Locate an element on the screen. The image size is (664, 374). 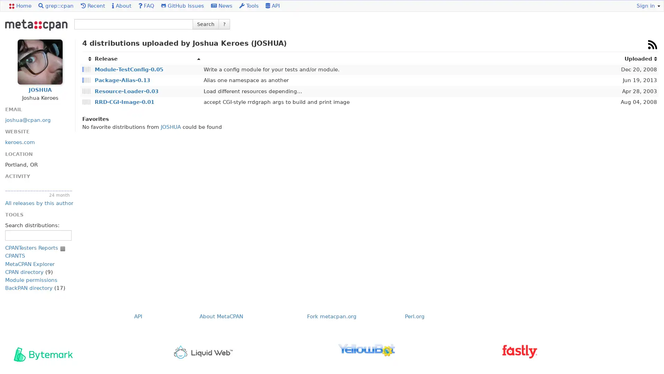
? is located at coordinates (224, 24).